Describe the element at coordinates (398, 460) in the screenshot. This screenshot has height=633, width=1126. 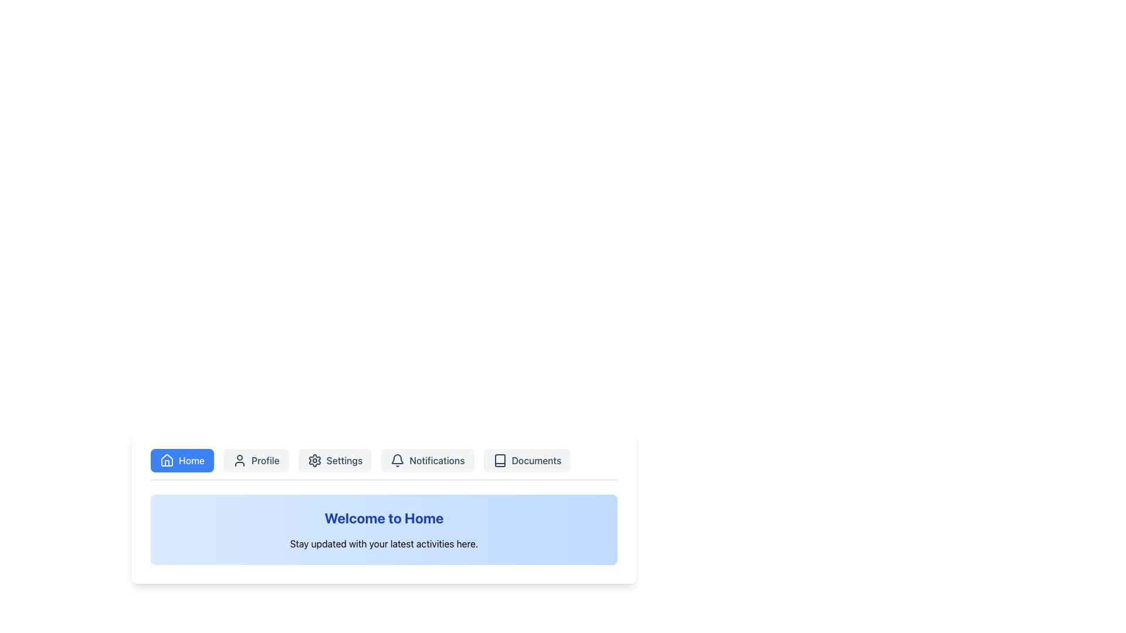
I see `the bell icon inside the 'Notifications' button, which is the fourth element in the top navigation bar, characterized by its stroke outline style and light background with a hover effect` at that location.